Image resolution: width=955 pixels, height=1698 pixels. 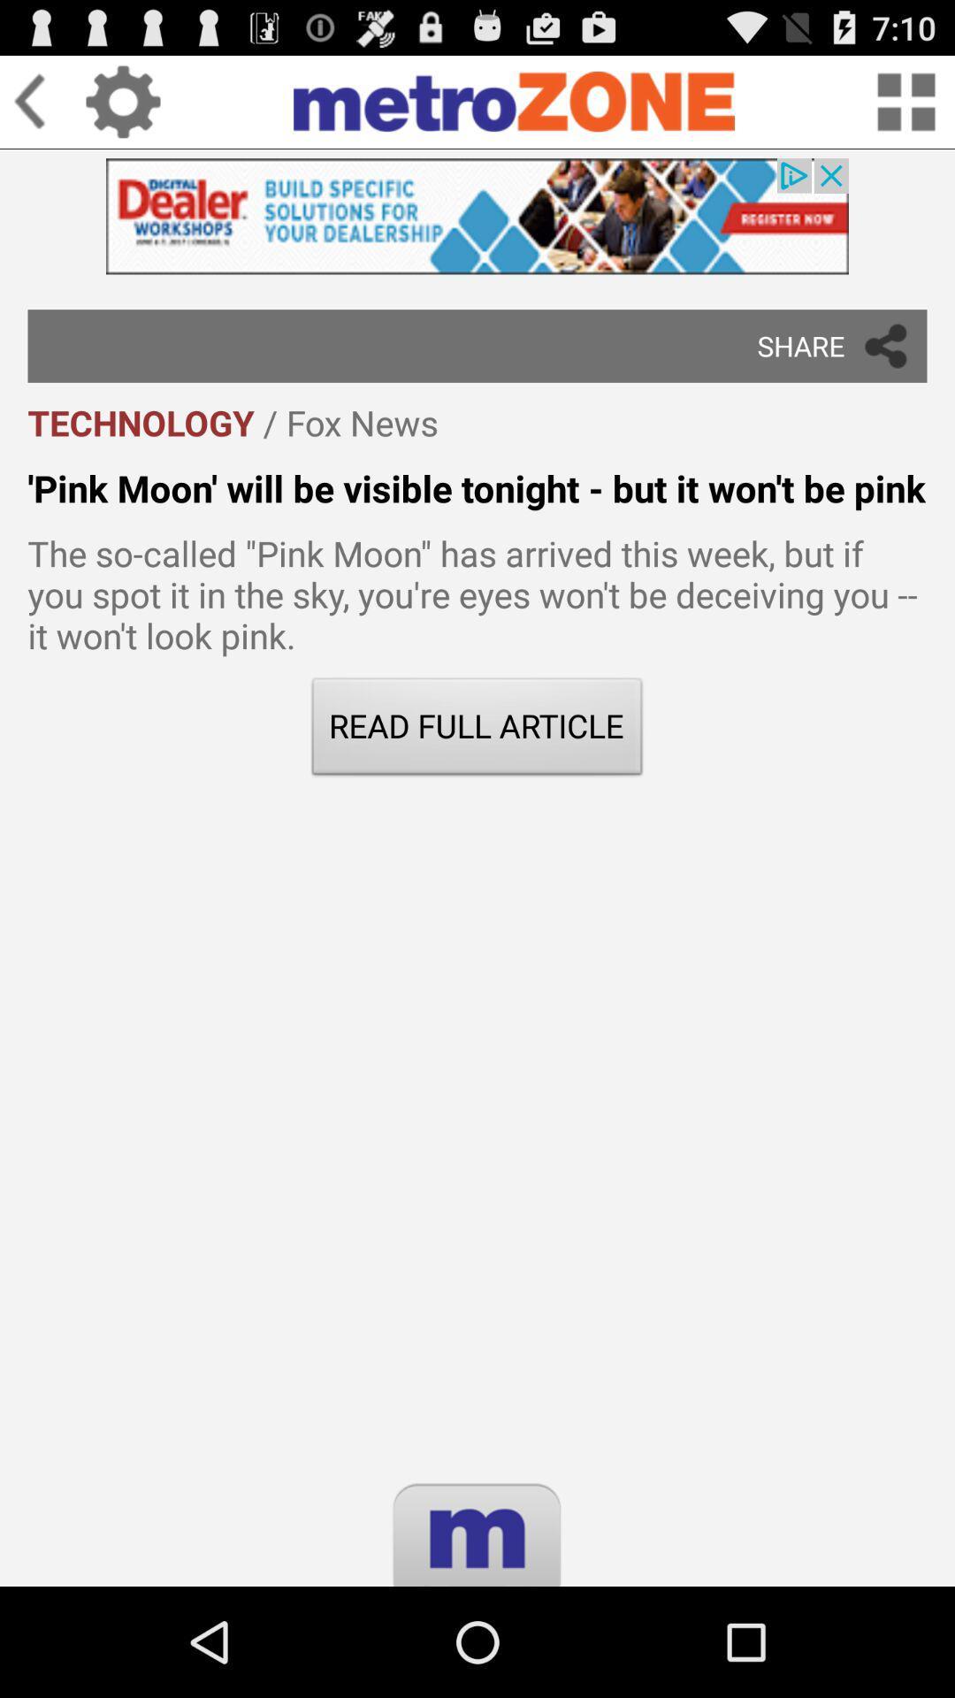 I want to click on the dashboard icon, so click(x=905, y=108).